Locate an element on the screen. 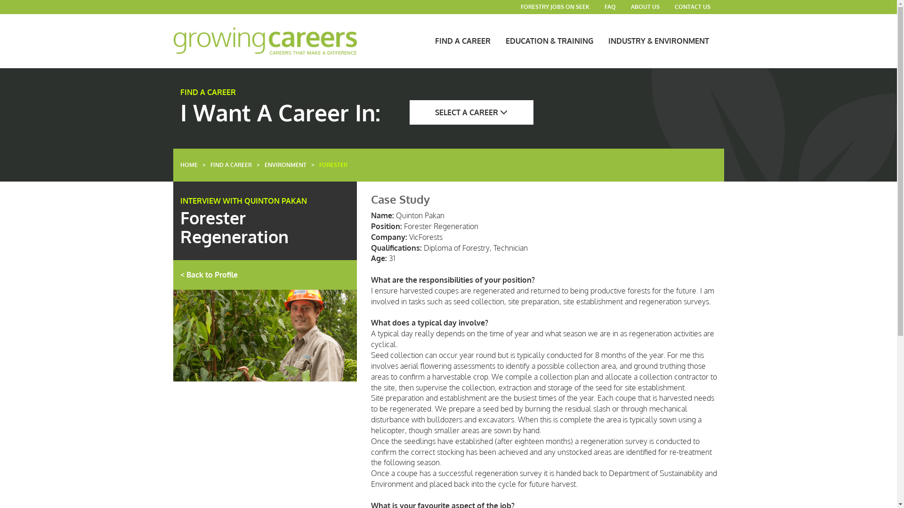  'FORESTRY JOBS ON SEEK' is located at coordinates (555, 7).